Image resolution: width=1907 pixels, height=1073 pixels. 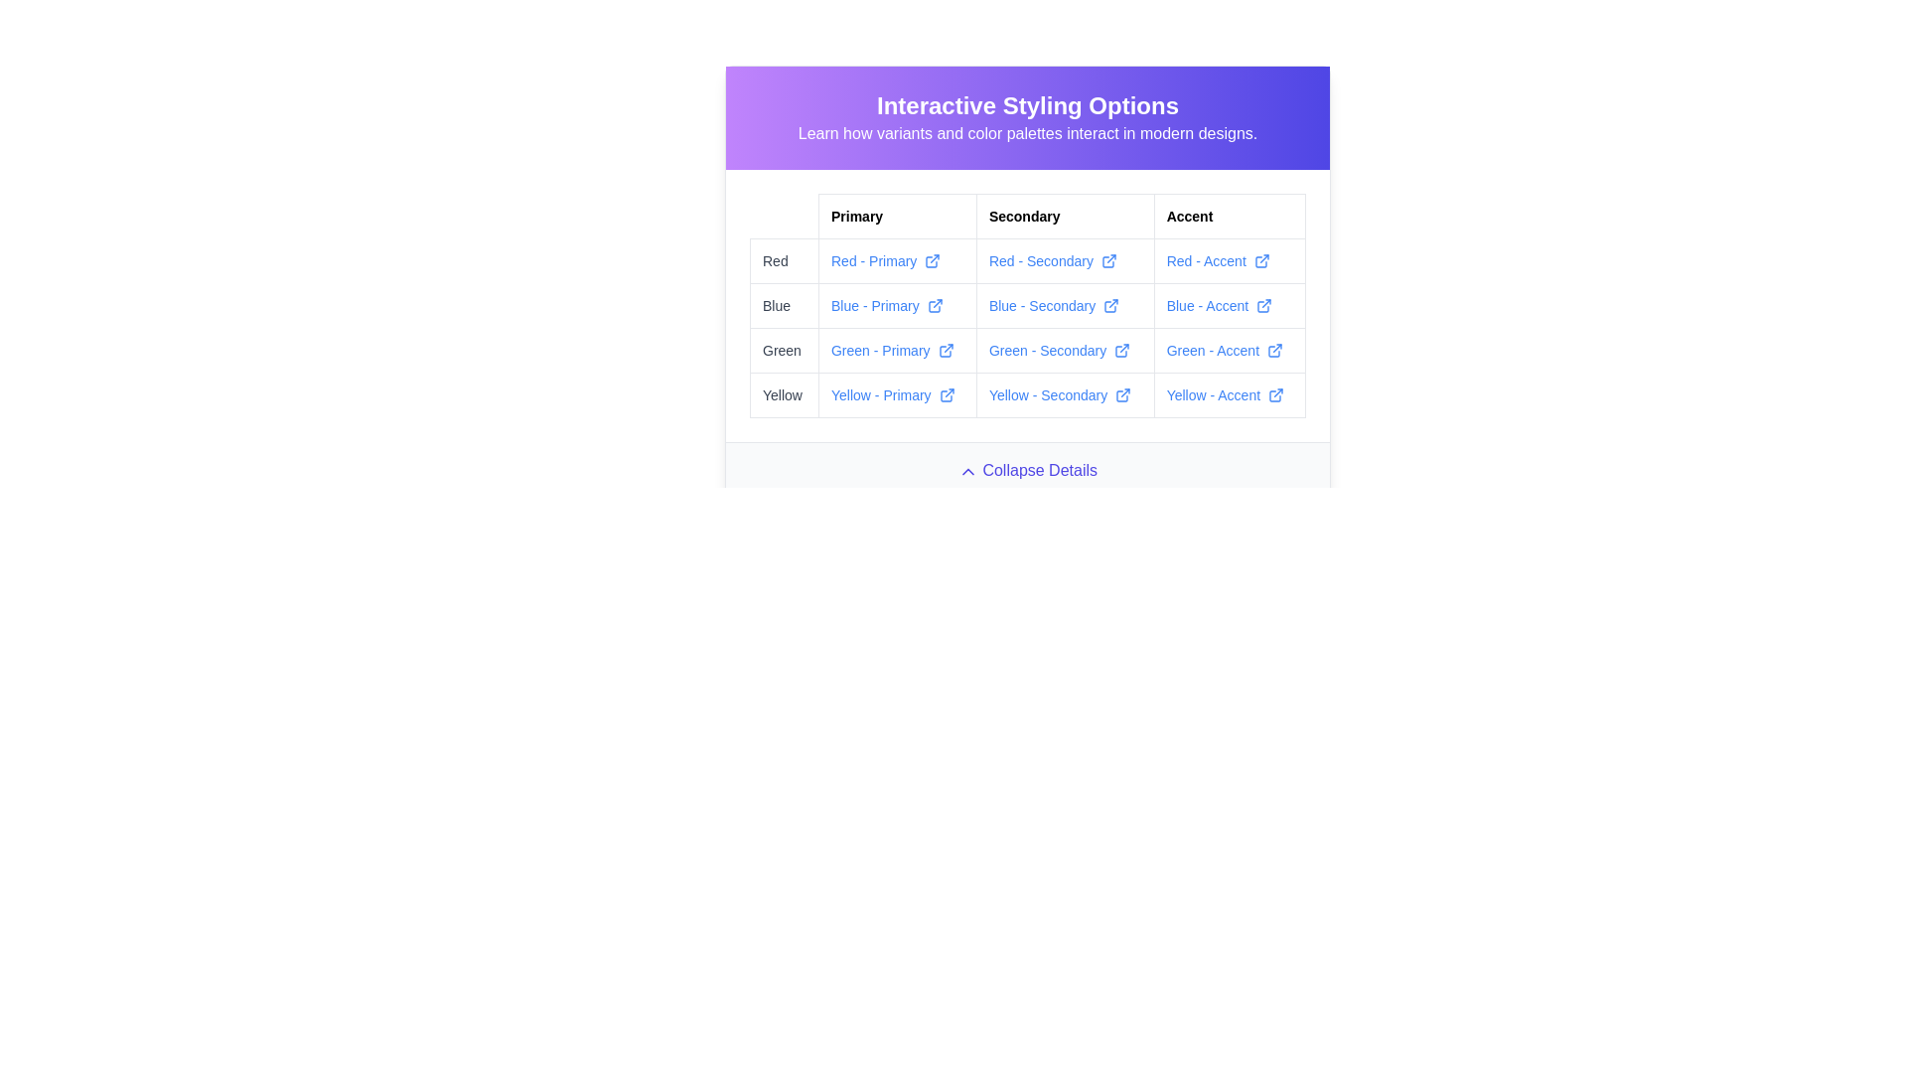 I want to click on the 'Red - Accent' hyperlink styled in blue font located under the 'Accent' column in the first row of the table, so click(x=1229, y=259).